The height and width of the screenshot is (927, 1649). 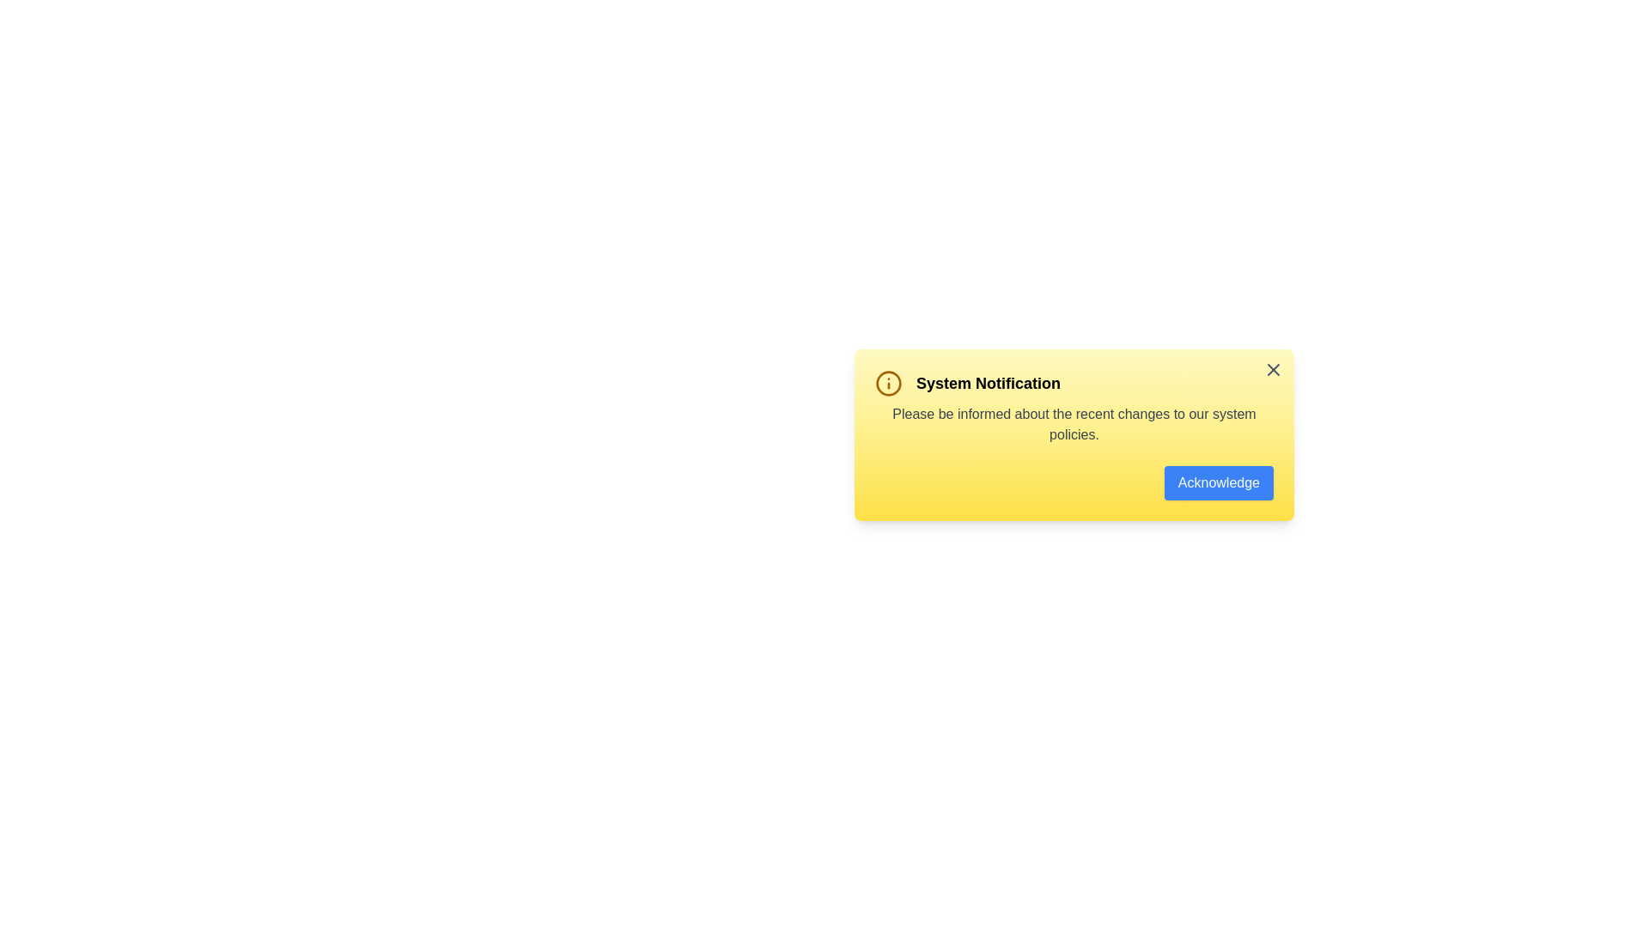 What do you see at coordinates (1274, 369) in the screenshot?
I see `the close button in the top-right corner of the alert` at bounding box center [1274, 369].